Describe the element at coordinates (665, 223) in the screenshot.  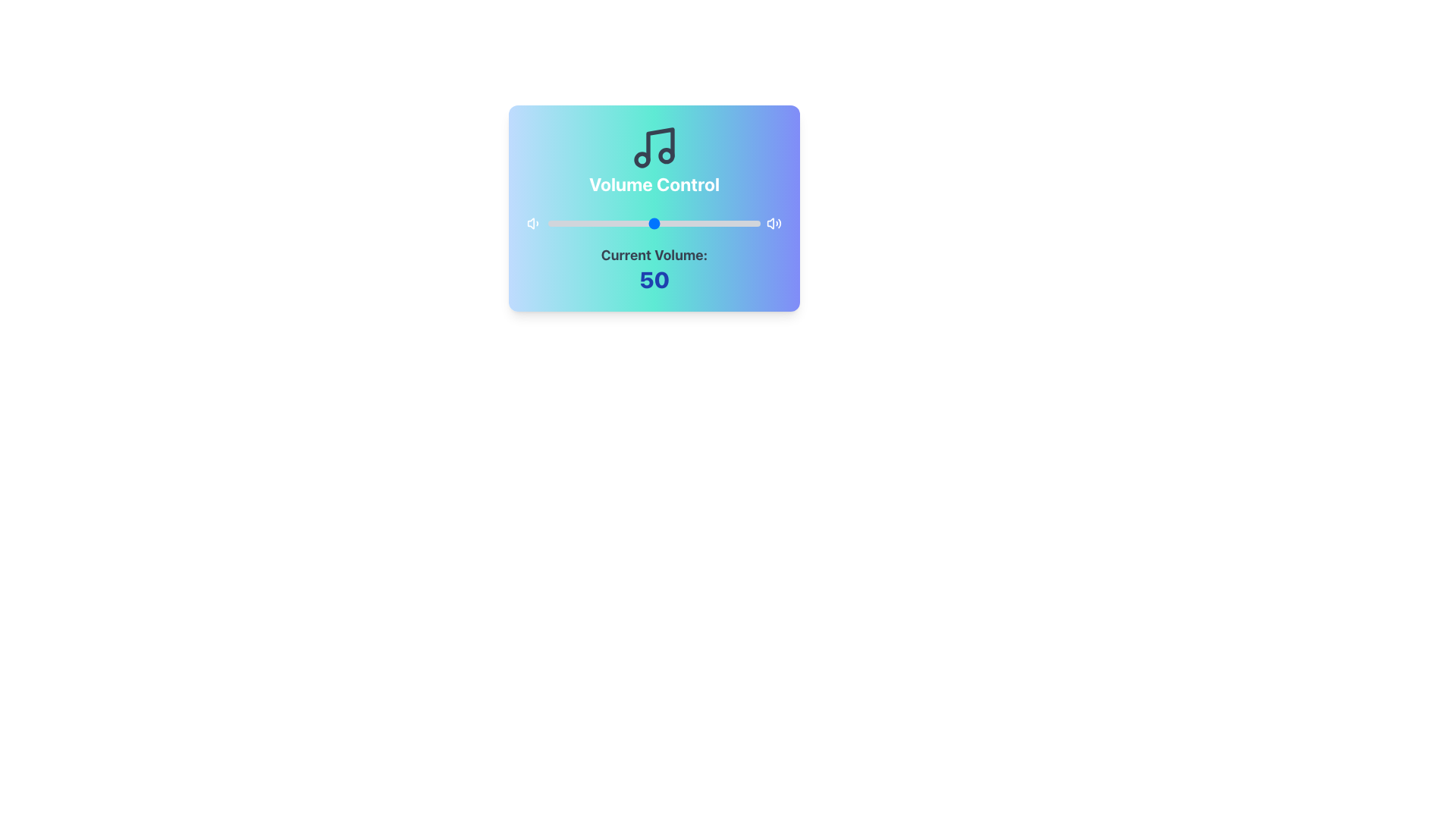
I see `the slider` at that location.